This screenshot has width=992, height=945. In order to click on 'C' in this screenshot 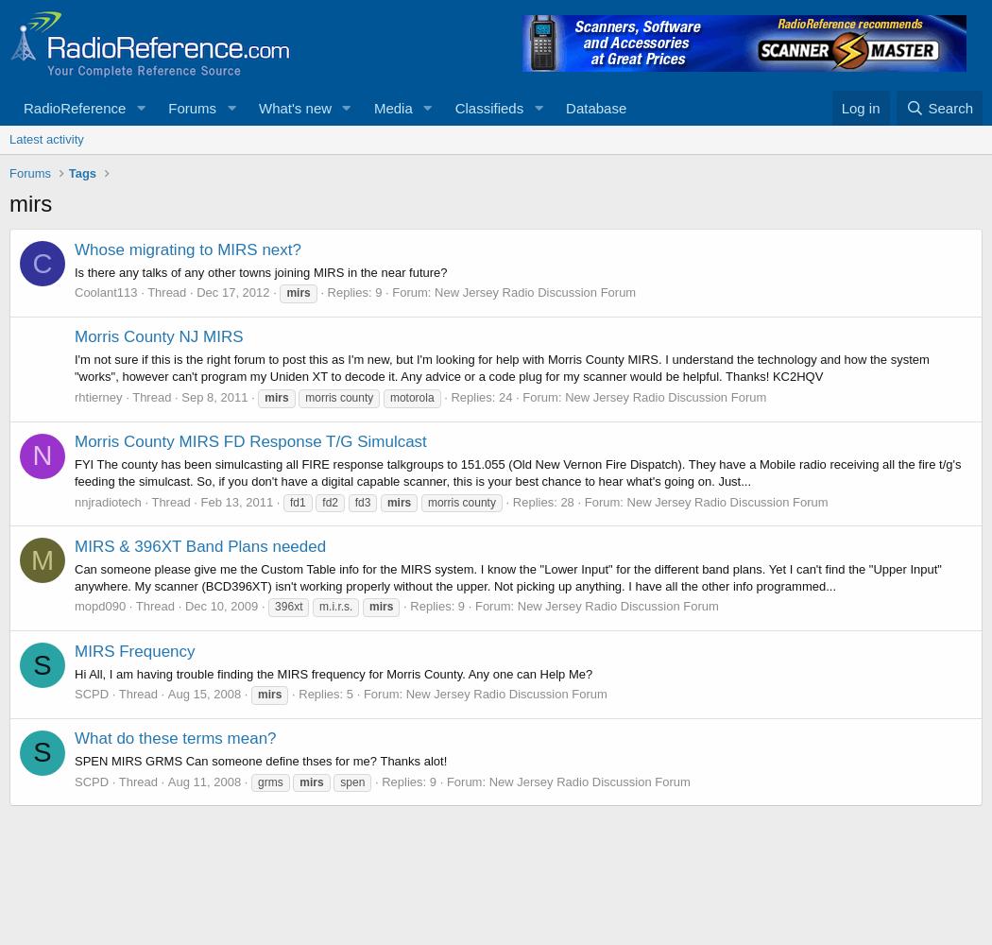, I will do `click(32, 263)`.